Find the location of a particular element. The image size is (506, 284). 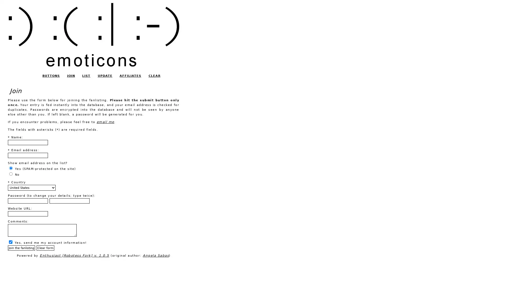

Clear form is located at coordinates (45, 248).